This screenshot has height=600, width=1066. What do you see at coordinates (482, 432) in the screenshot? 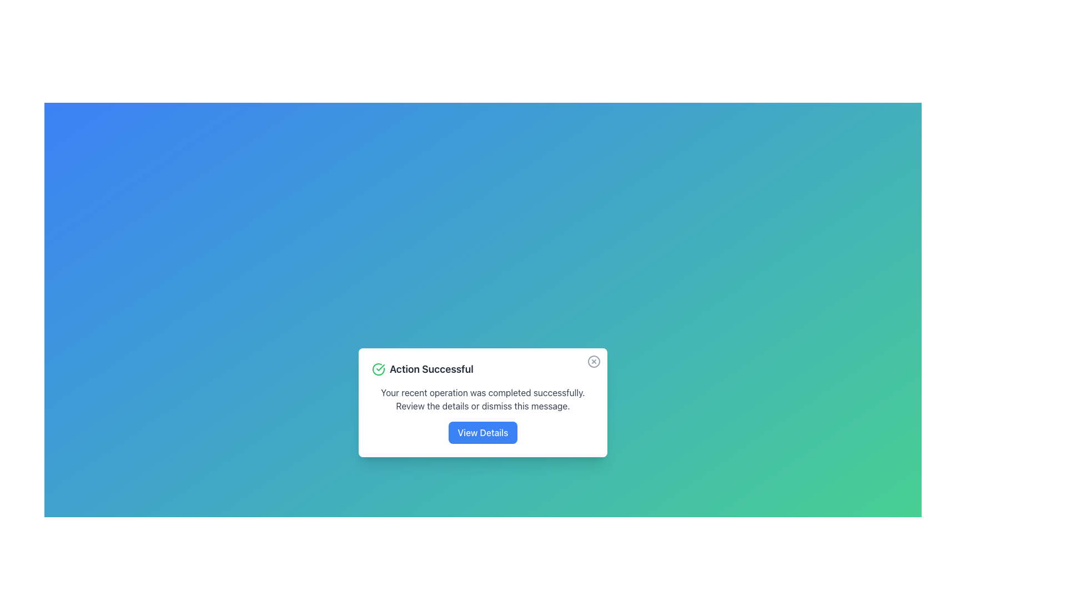
I see `the button located at the bottom center of the notification dialog box that allows users` at bounding box center [482, 432].